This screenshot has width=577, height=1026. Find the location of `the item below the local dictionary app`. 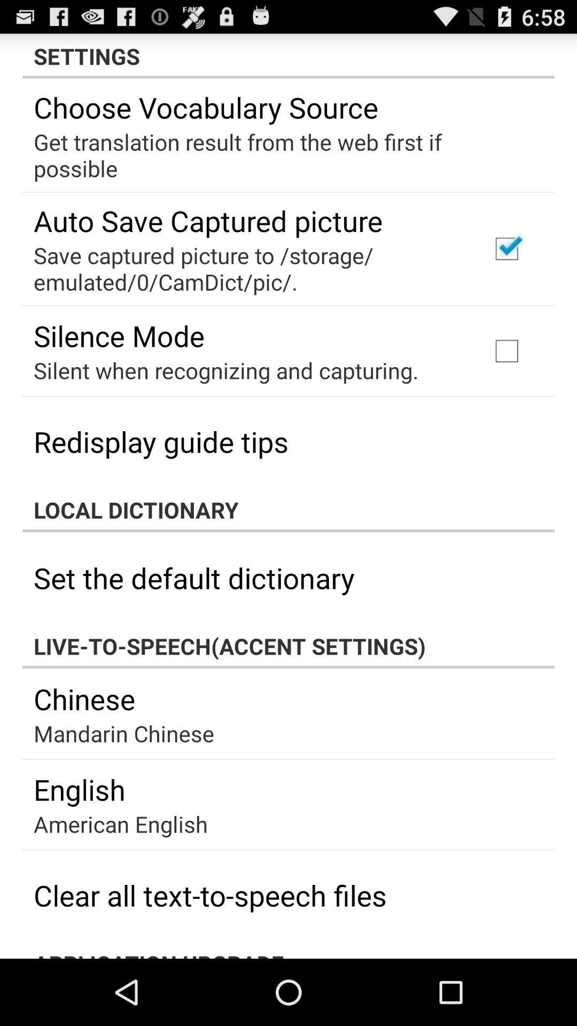

the item below the local dictionary app is located at coordinates (194, 577).